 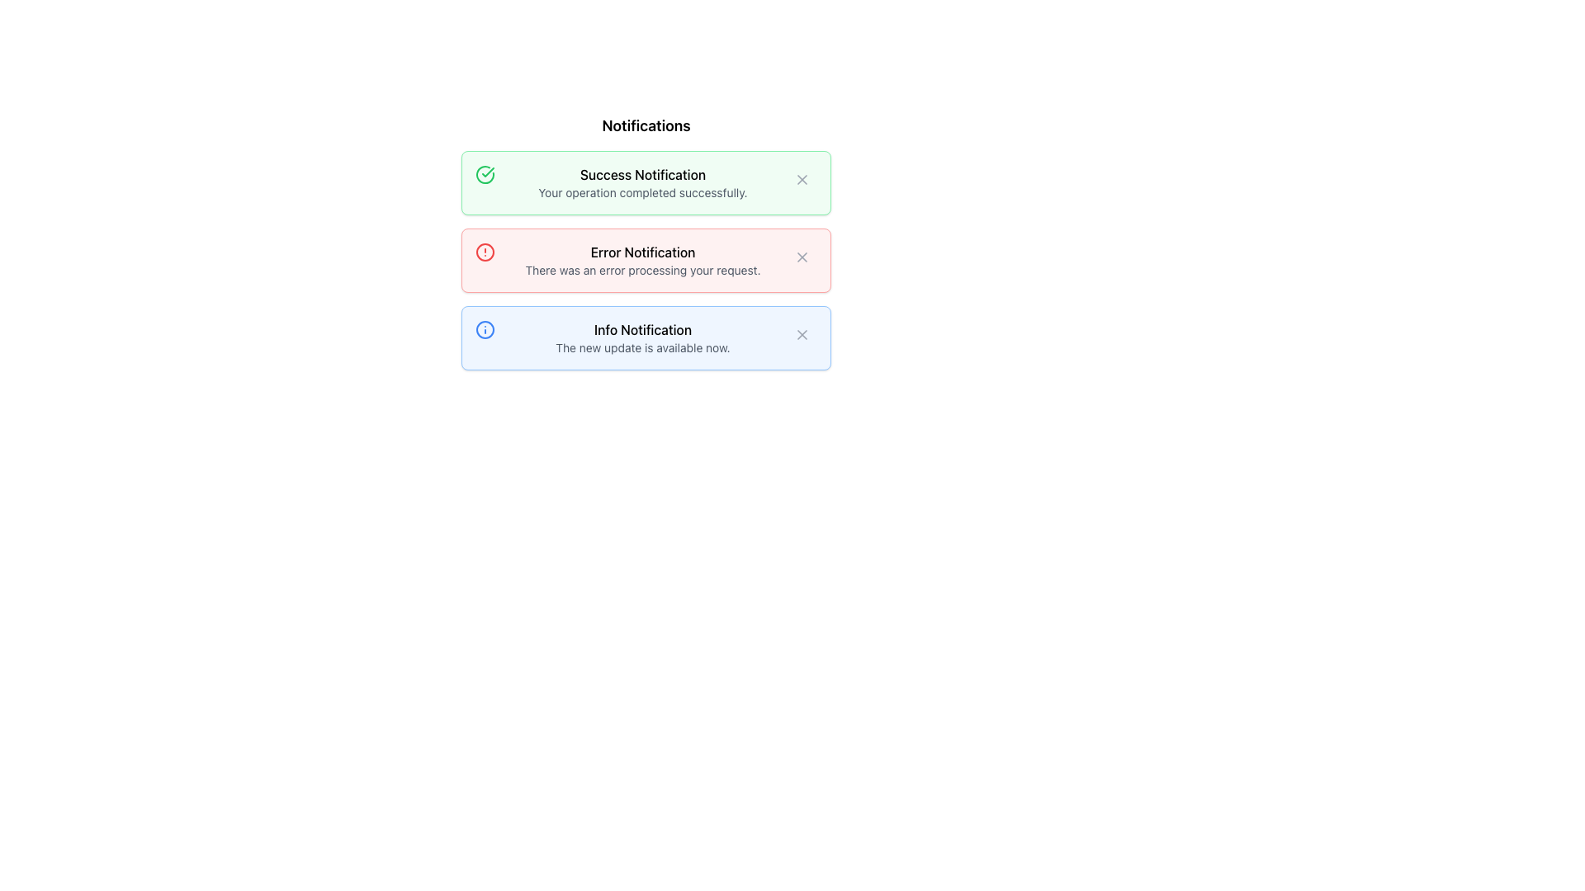 I want to click on the dismiss button located at the top-right corner of the green notification box labeled 'Success Notification', so click(x=802, y=180).